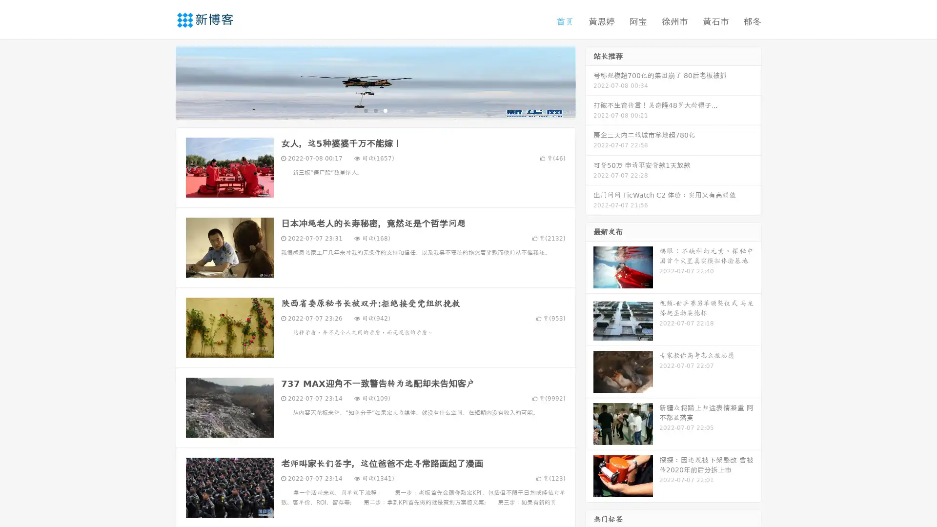  Describe the element at coordinates (385, 110) in the screenshot. I see `Go to slide 3` at that location.